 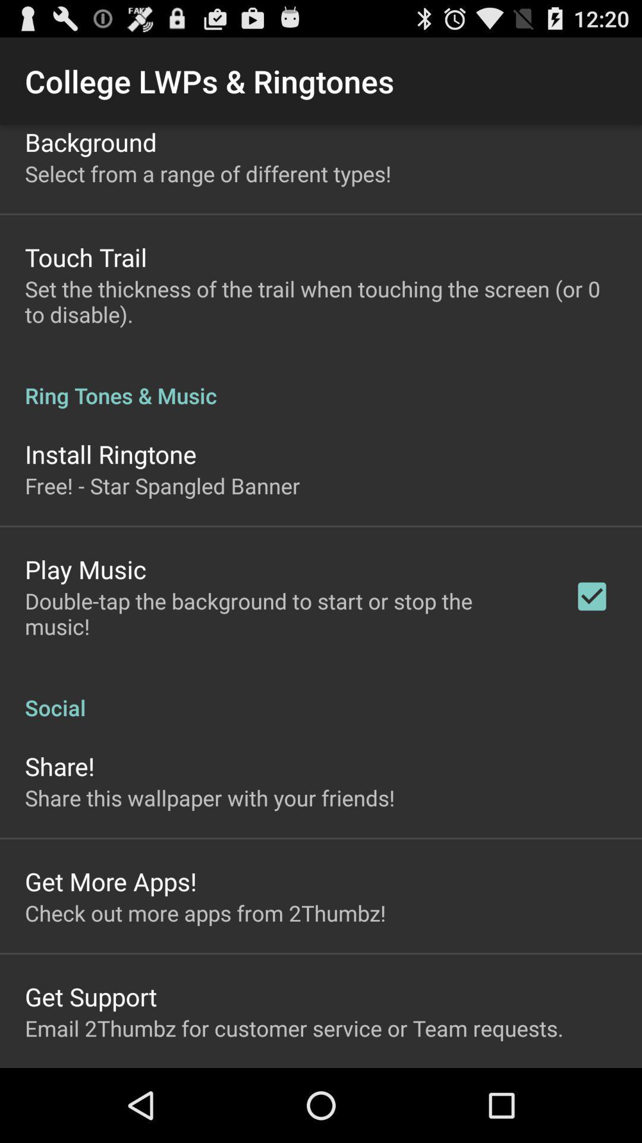 I want to click on app above ring tones & music, so click(x=321, y=301).